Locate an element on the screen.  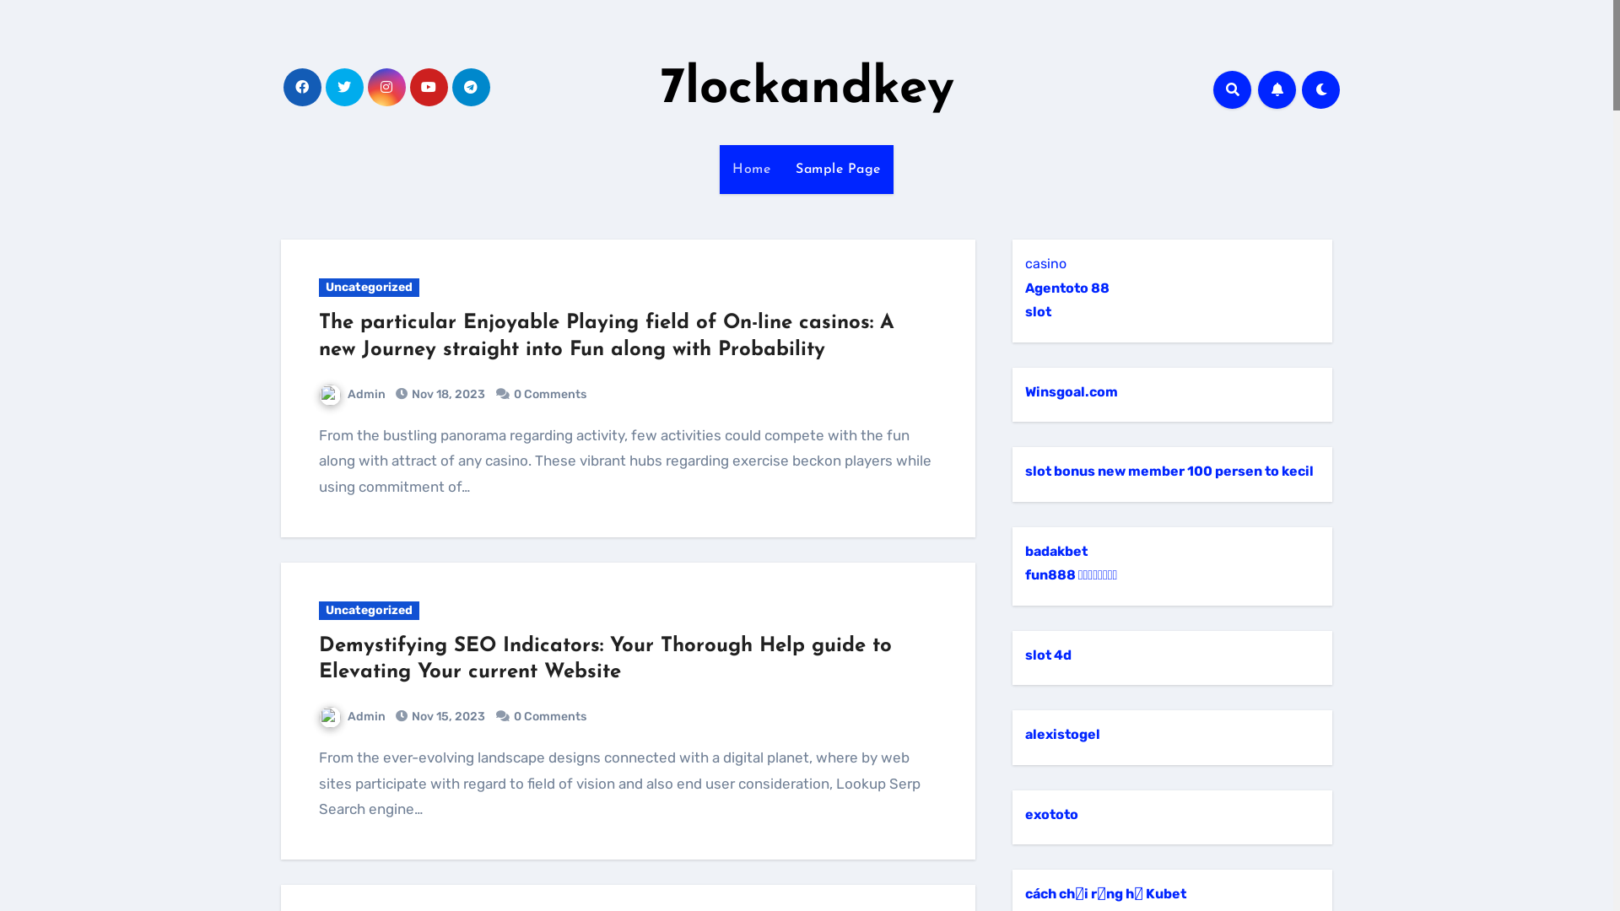
'Sample Page' is located at coordinates (838, 169).